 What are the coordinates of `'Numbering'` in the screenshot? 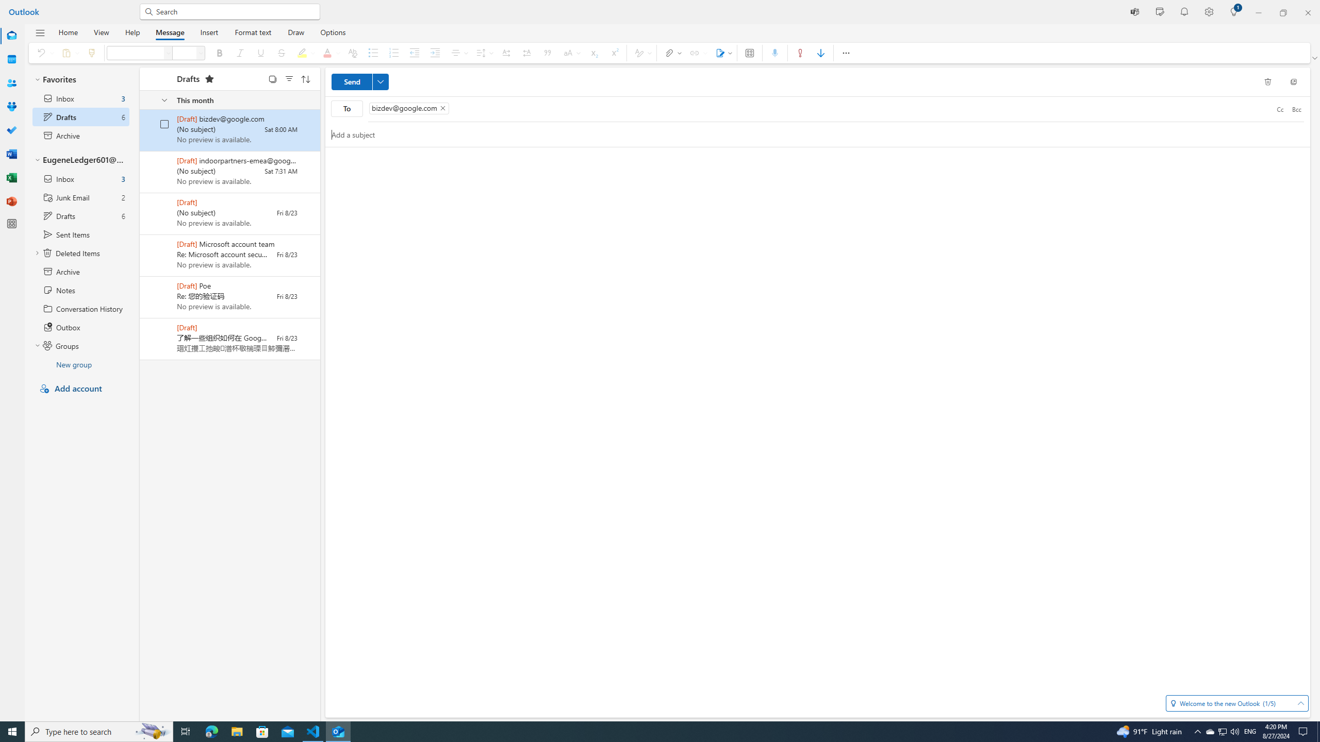 It's located at (393, 53).